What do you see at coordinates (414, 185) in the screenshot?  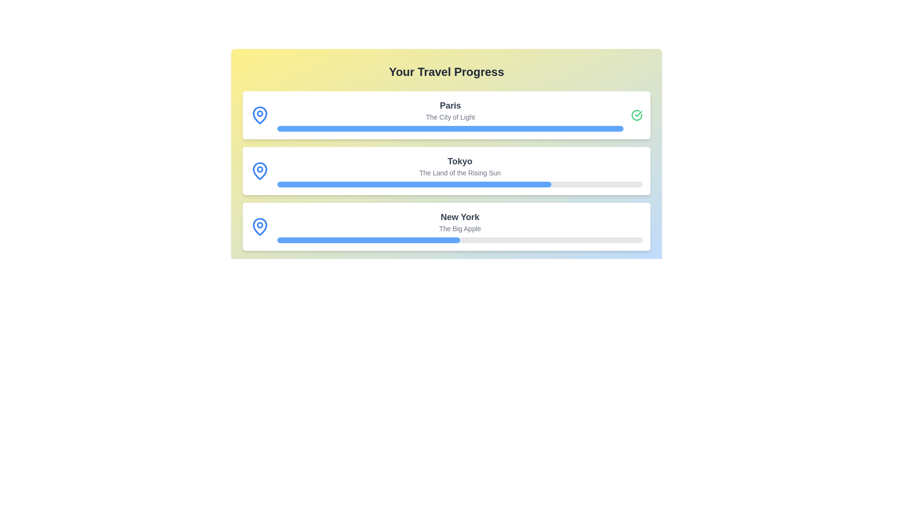 I see `the Progress bar indicator for the 'Tokyo' milestone, which visually represents 75% completion in the user's travel progress interface` at bounding box center [414, 185].